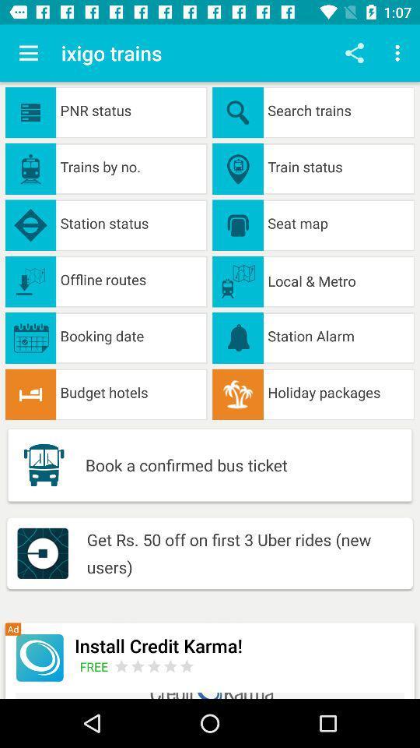 Image resolution: width=420 pixels, height=748 pixels. I want to click on share information, so click(354, 53).